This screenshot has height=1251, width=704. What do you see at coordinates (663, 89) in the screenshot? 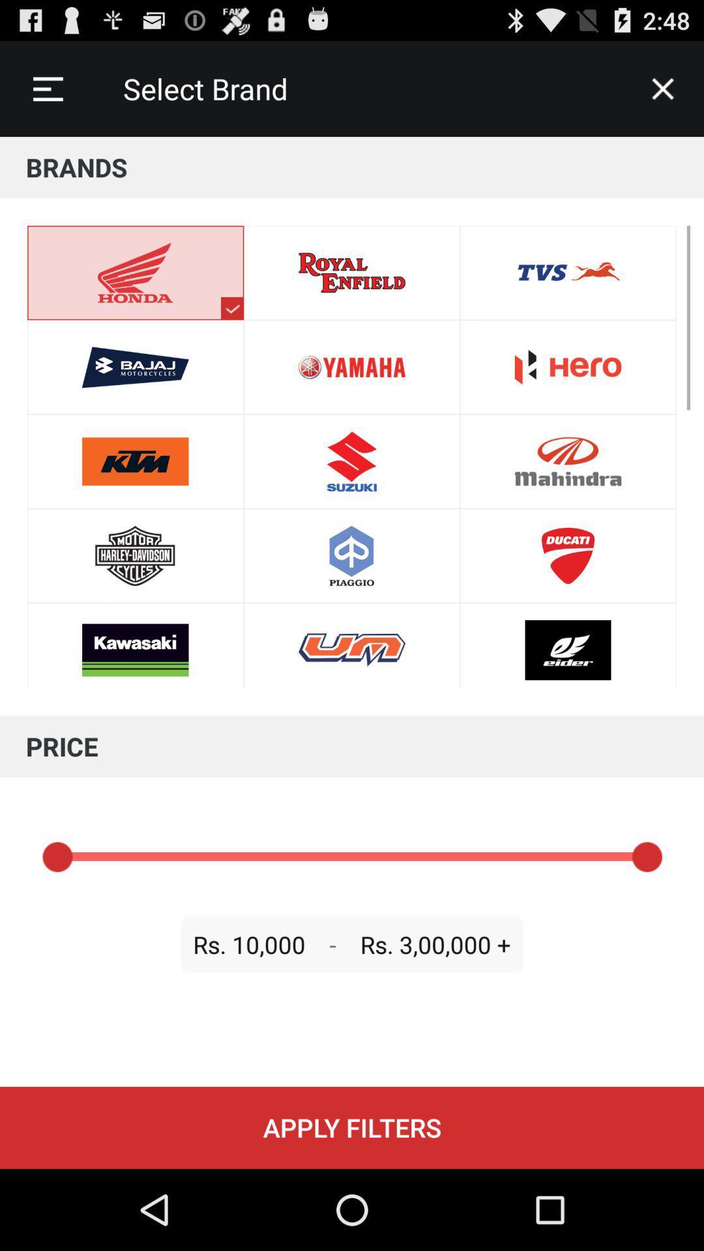
I see `the close button at the top right corner of the page` at bounding box center [663, 89].